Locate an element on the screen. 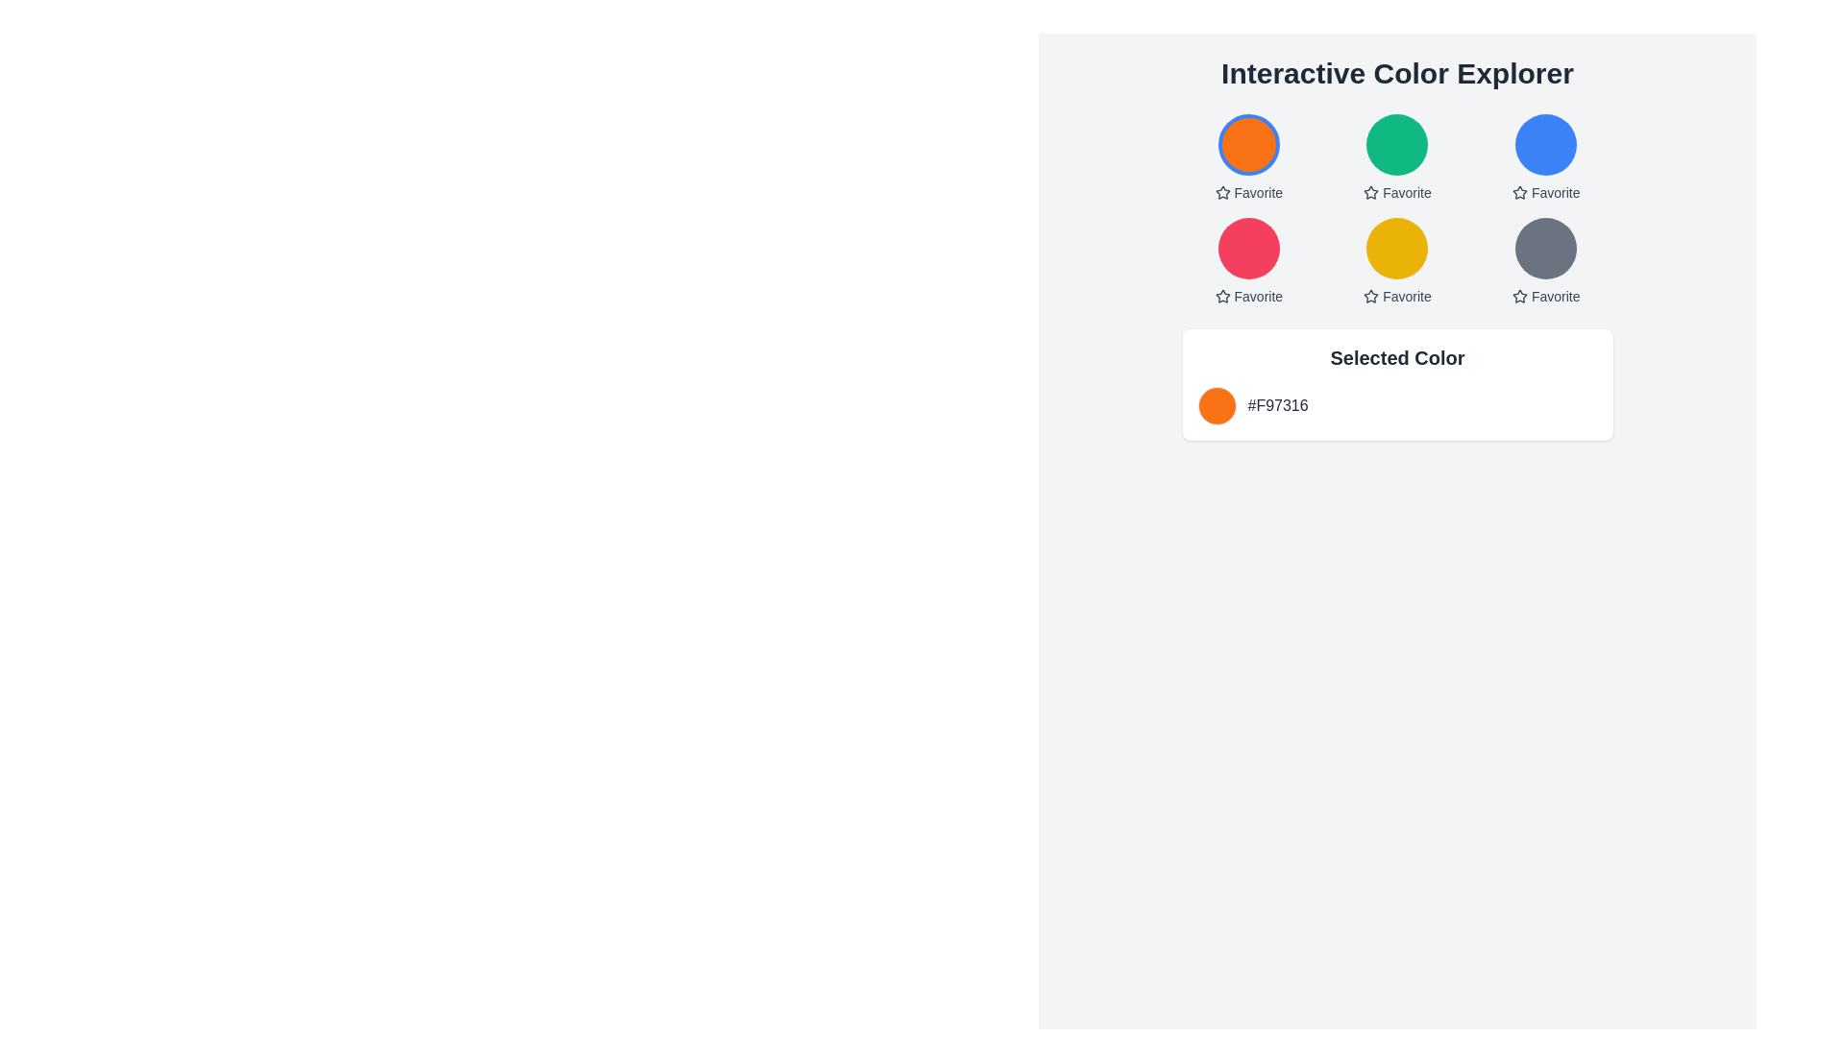 The width and height of the screenshot is (1845, 1037). the circular blue button labeled 'Favorite' located in the first row and third column of the grid layout is located at coordinates (1546, 143).